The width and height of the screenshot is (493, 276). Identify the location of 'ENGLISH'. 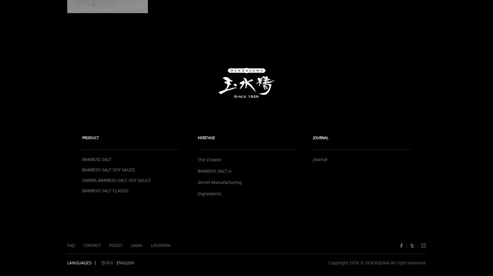
(125, 263).